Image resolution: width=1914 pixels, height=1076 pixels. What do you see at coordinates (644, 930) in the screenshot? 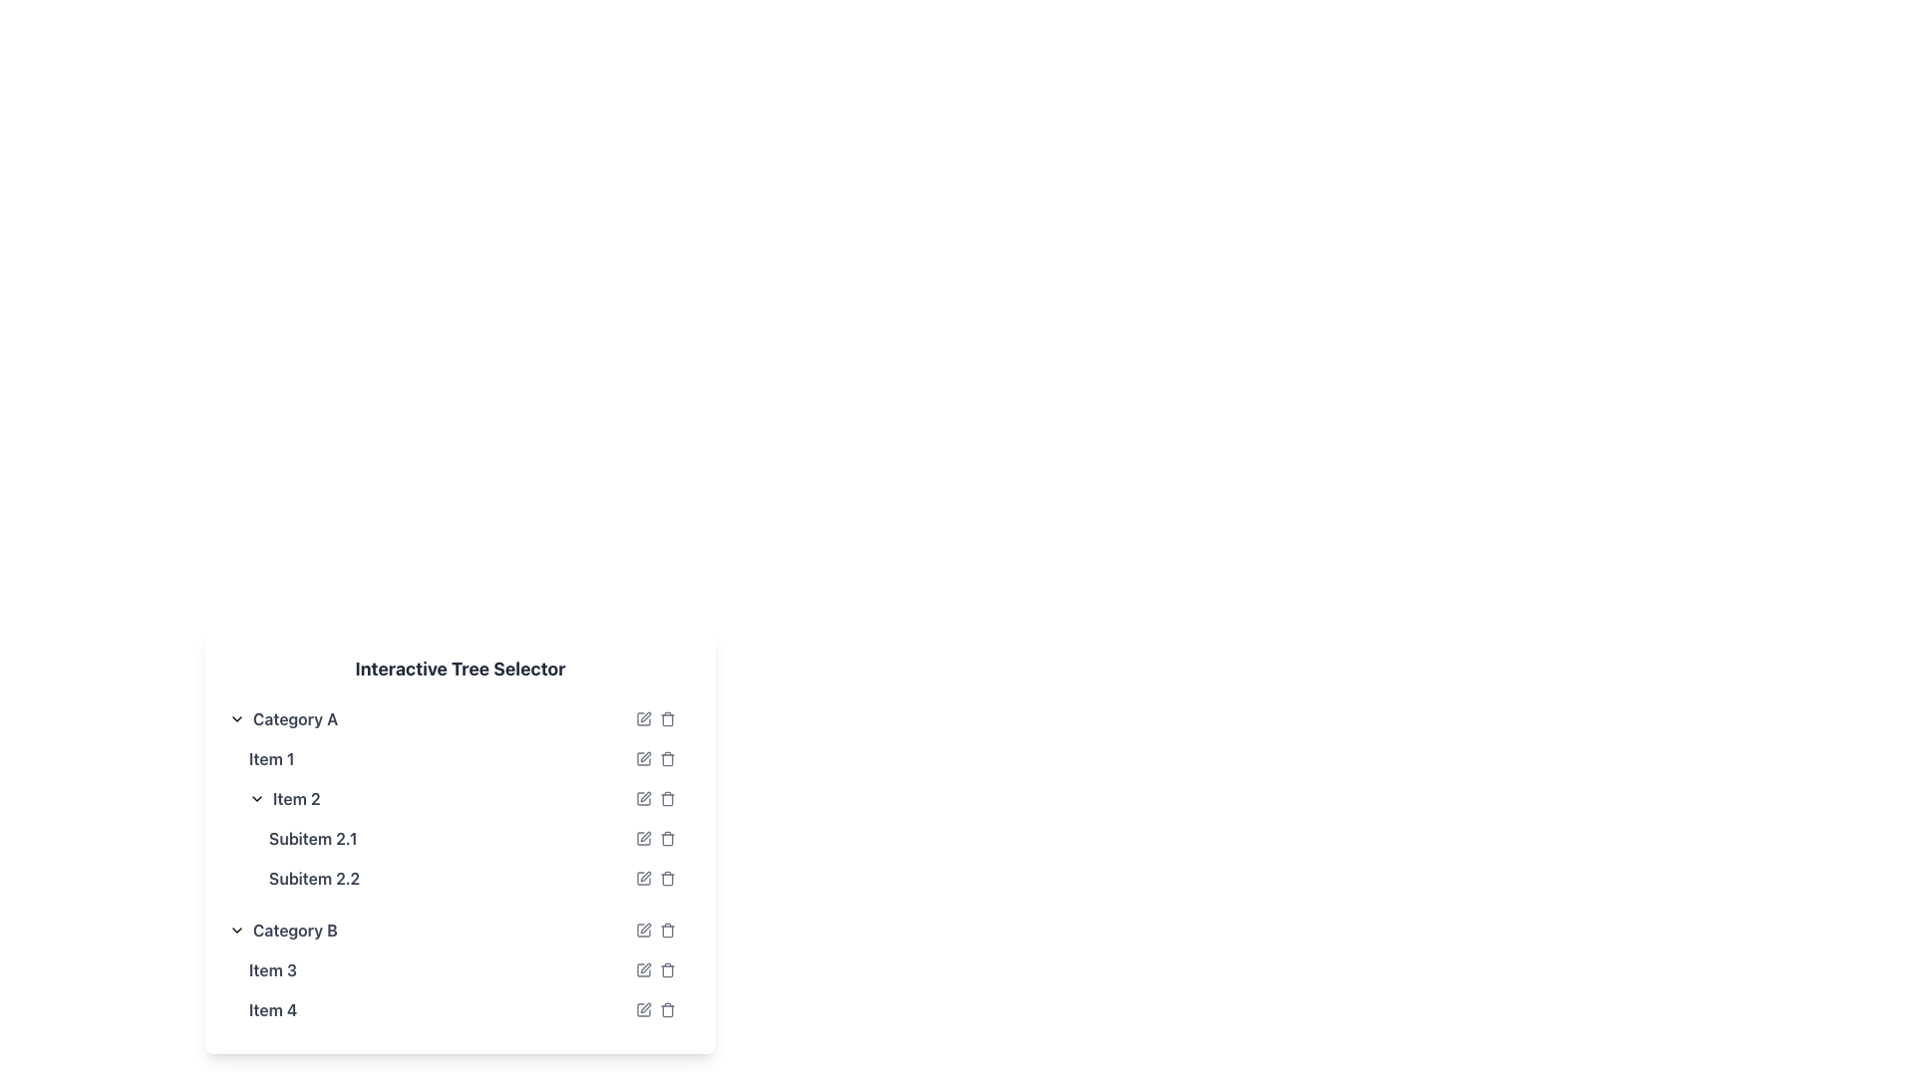
I see `the pen icon button located to the left of the trash can icon in the action icons for 'Category B'` at bounding box center [644, 930].